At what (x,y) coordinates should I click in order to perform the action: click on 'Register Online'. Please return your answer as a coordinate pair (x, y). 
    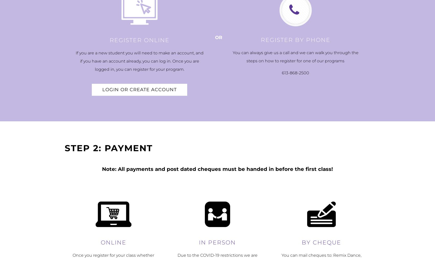
    Looking at the image, I should click on (139, 40).